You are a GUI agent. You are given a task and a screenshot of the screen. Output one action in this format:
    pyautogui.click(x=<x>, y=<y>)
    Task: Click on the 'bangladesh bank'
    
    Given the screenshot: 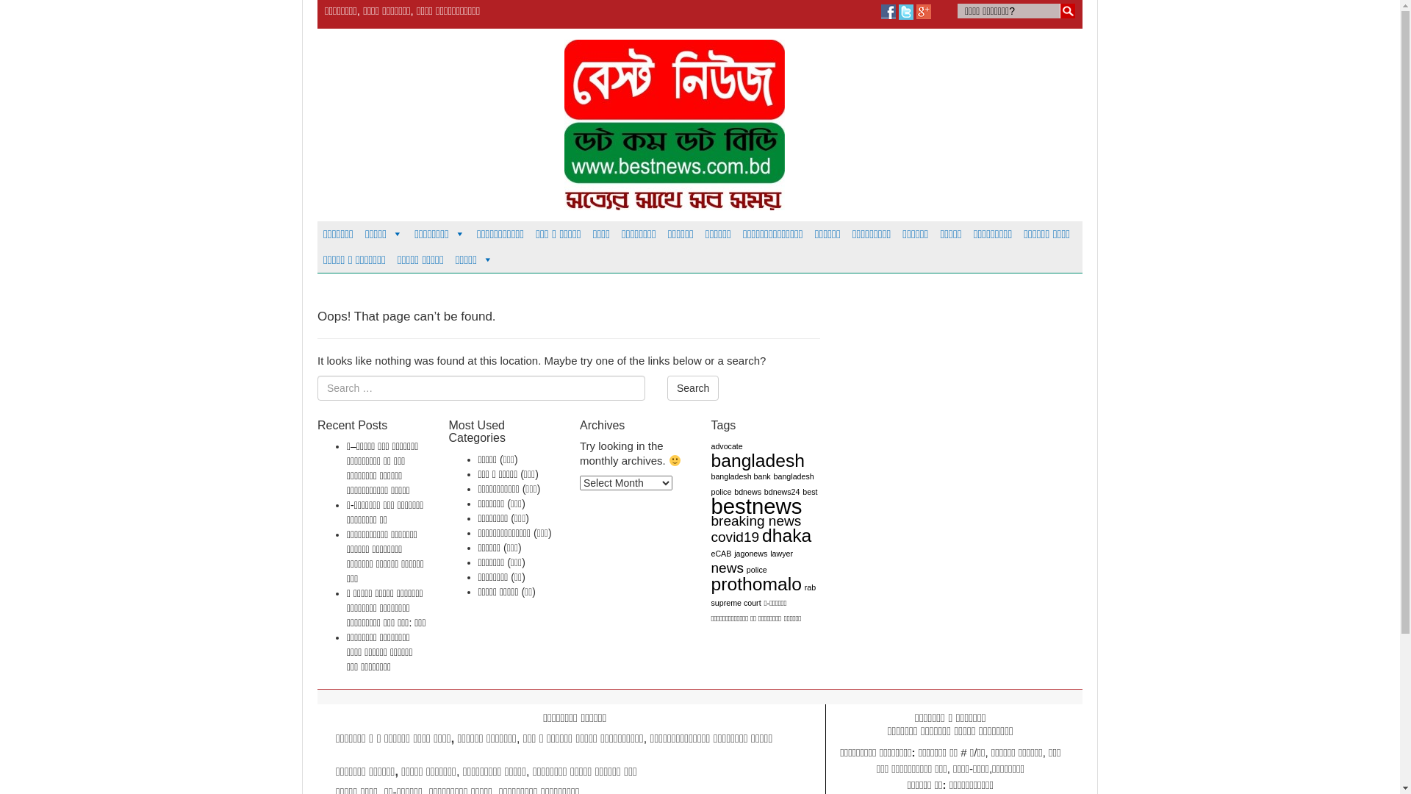 What is the action you would take?
    pyautogui.click(x=741, y=476)
    